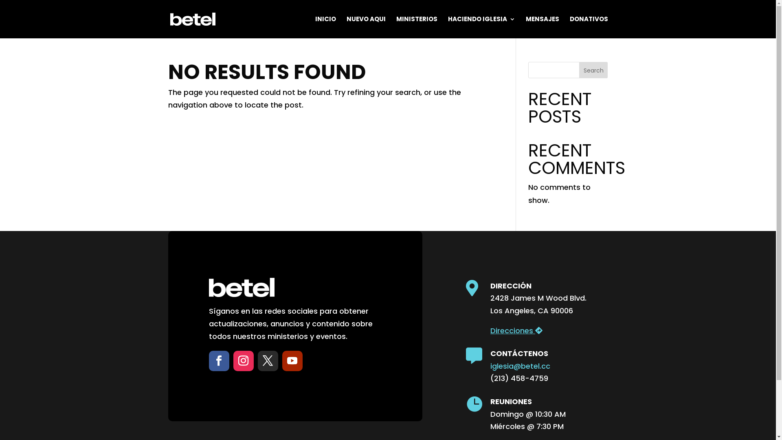  What do you see at coordinates (232, 361) in the screenshot?
I see `'Follow on Instagram'` at bounding box center [232, 361].